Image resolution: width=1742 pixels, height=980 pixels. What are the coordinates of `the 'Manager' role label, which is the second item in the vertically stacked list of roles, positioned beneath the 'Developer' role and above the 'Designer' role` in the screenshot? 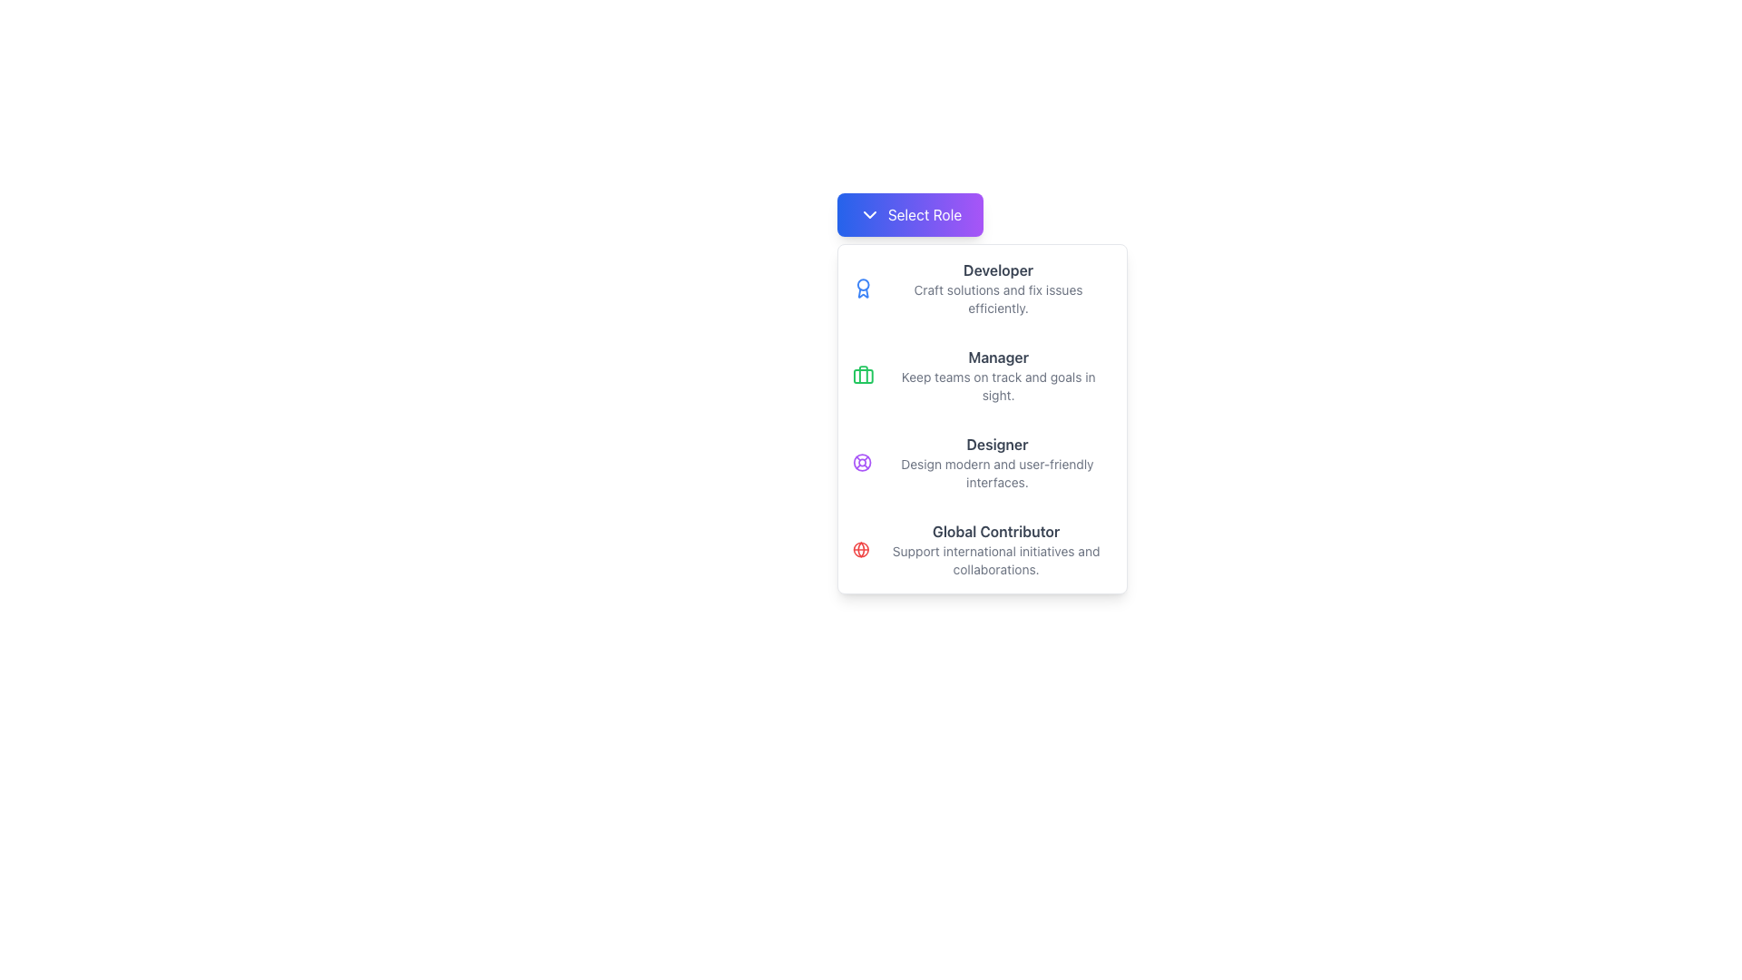 It's located at (997, 357).